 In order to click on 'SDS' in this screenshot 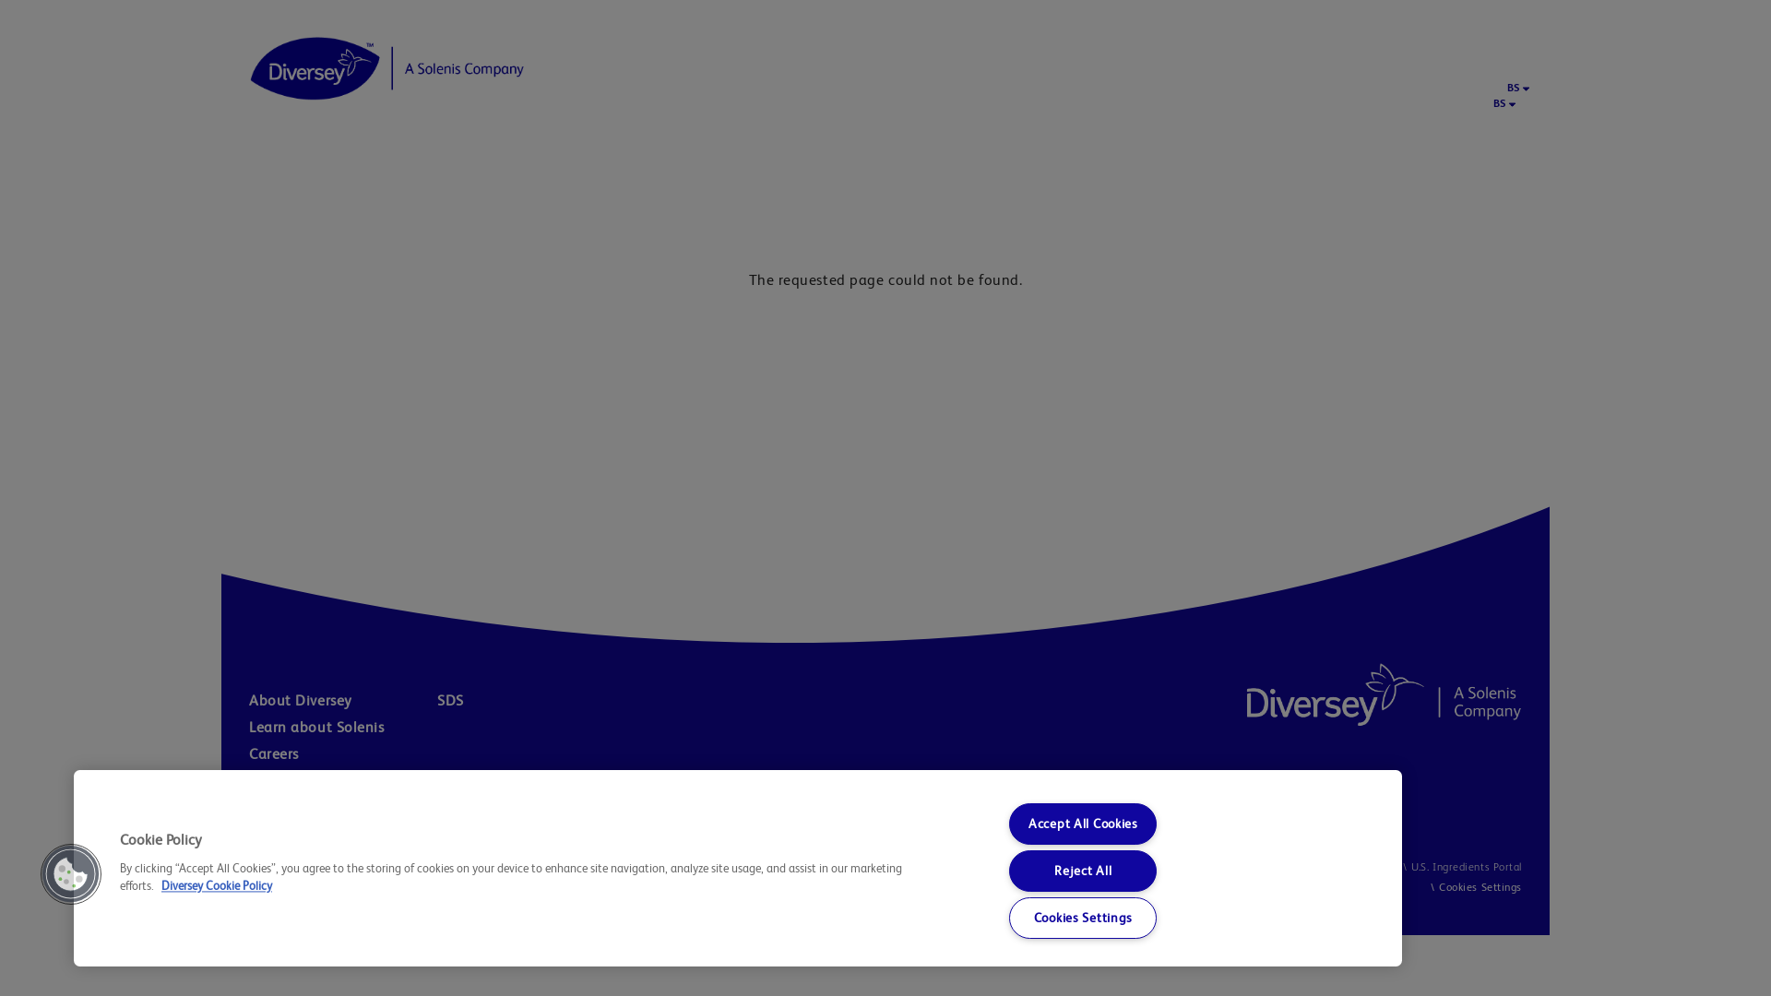, I will do `click(528, 700)`.